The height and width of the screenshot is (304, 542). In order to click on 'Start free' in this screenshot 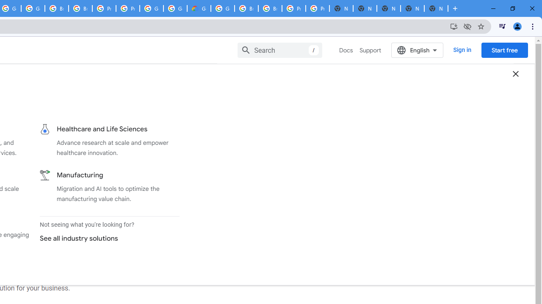, I will do `click(504, 50)`.